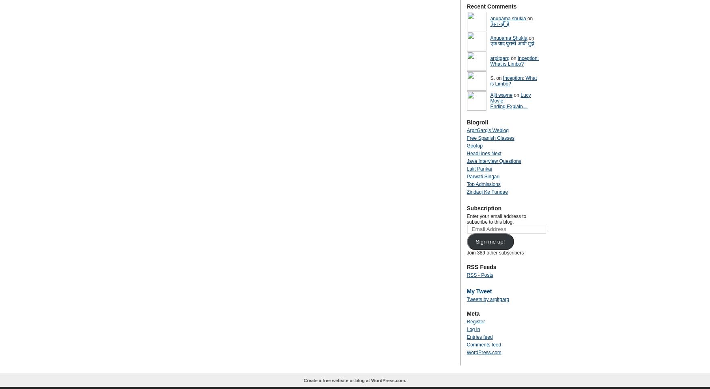 The width and height of the screenshot is (710, 389). What do you see at coordinates (501, 94) in the screenshot?
I see `'Ajit wayne'` at bounding box center [501, 94].